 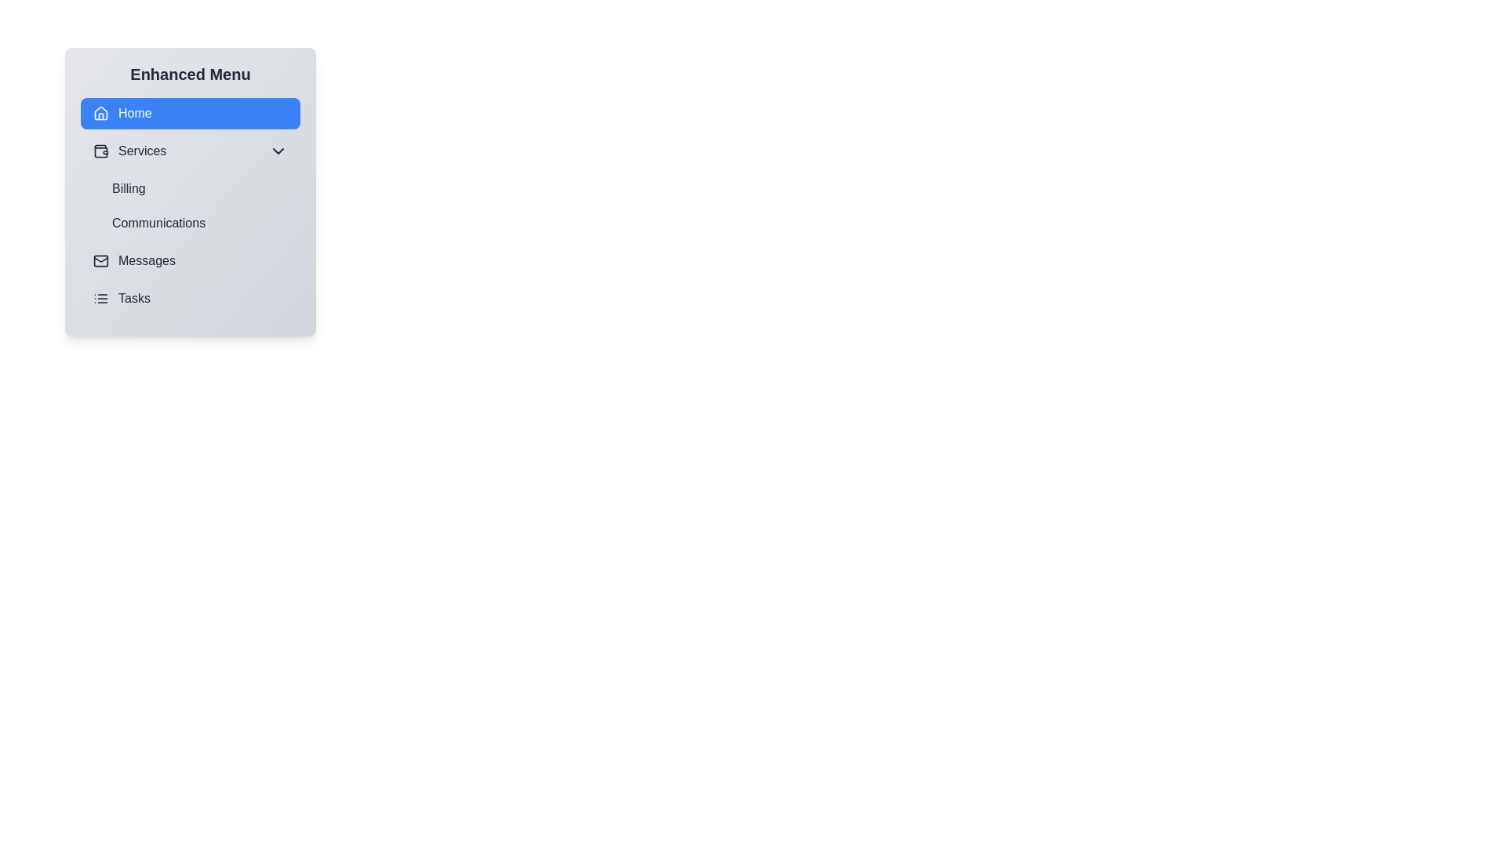 What do you see at coordinates (190, 151) in the screenshot?
I see `the menu button located below the 'Home' item` at bounding box center [190, 151].